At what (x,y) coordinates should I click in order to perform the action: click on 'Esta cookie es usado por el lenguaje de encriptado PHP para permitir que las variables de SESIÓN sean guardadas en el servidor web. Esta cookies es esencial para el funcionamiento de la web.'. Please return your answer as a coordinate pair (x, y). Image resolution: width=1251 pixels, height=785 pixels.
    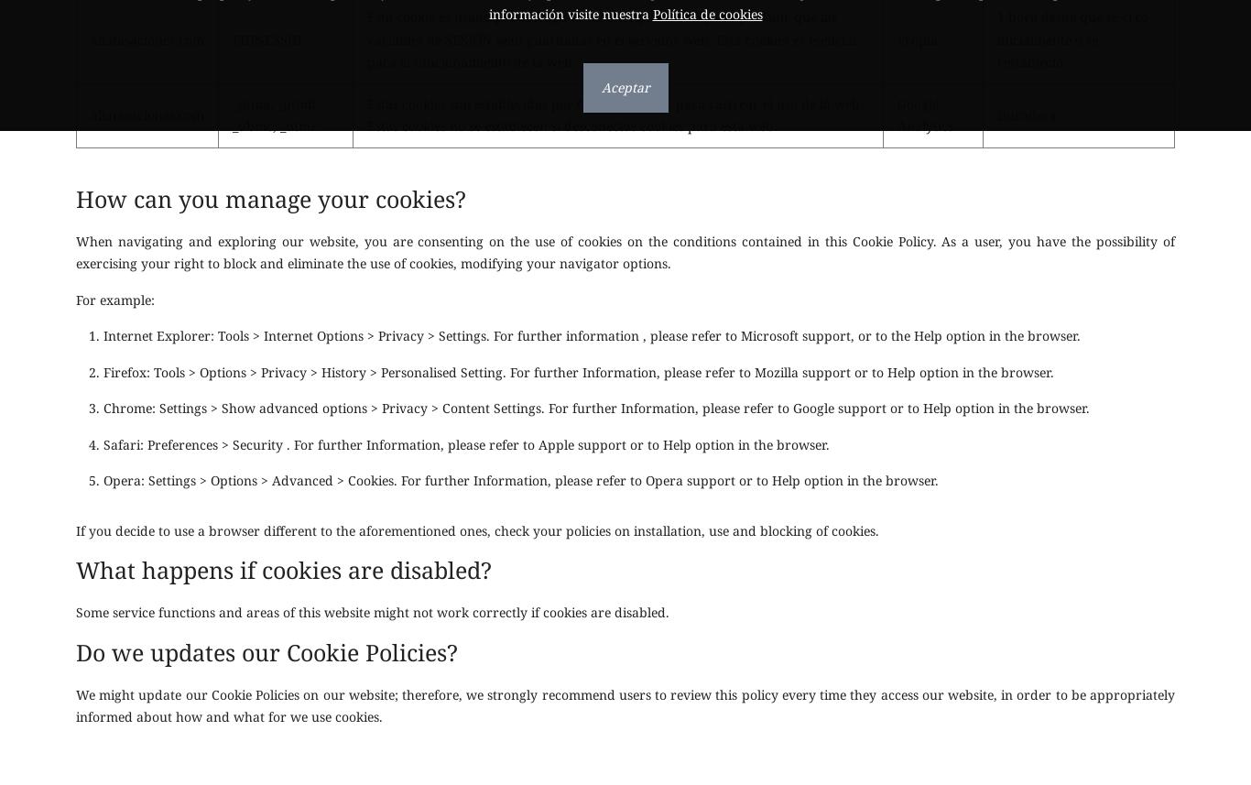
    Looking at the image, I should click on (610, 38).